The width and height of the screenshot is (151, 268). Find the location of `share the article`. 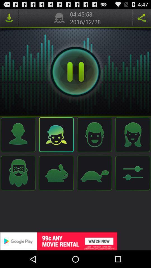

share the article is located at coordinates (142, 18).